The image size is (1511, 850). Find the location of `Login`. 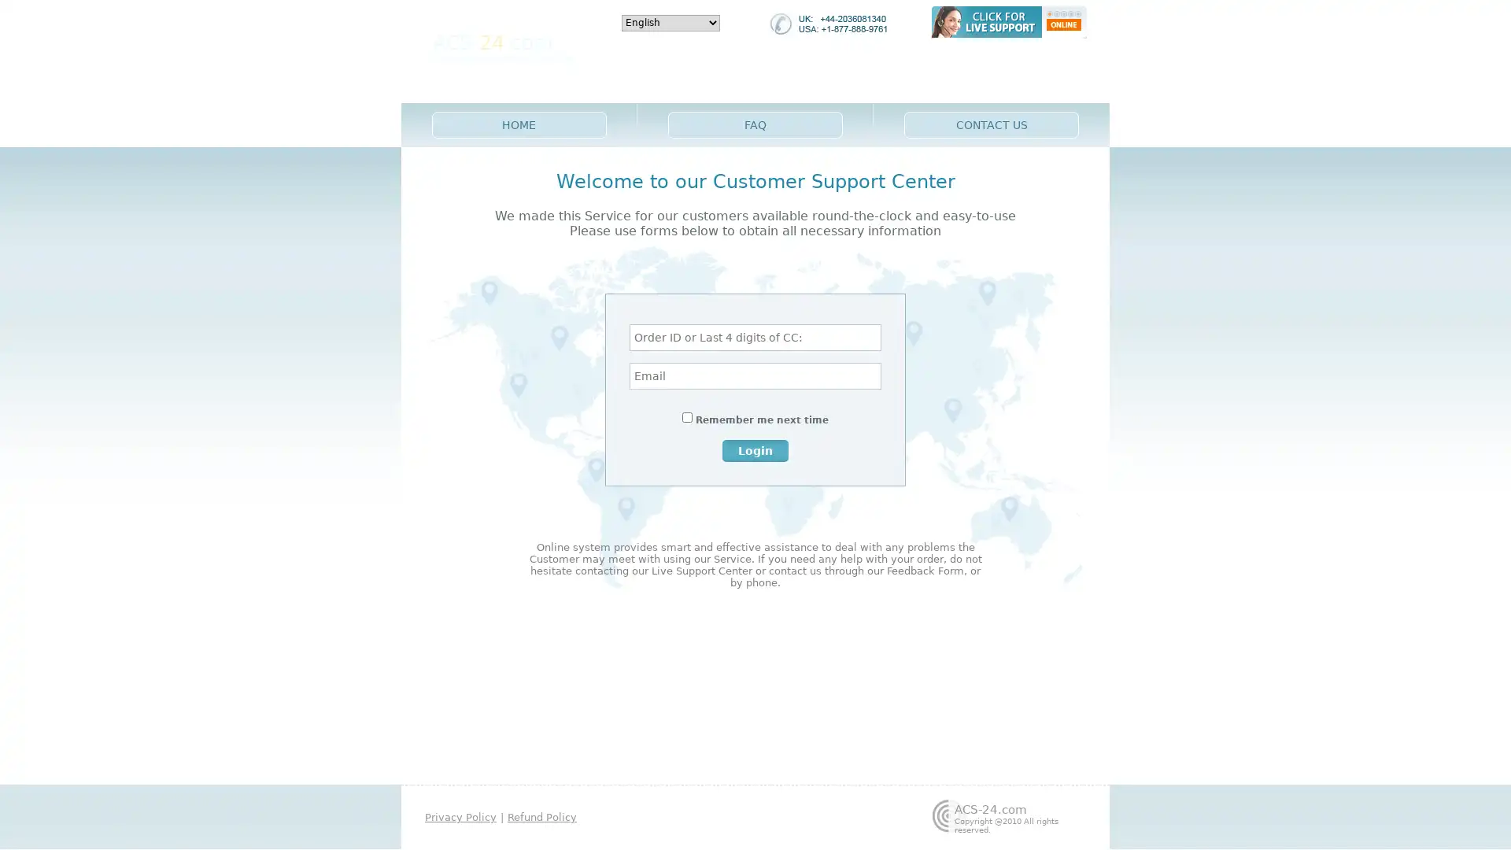

Login is located at coordinates (755, 449).